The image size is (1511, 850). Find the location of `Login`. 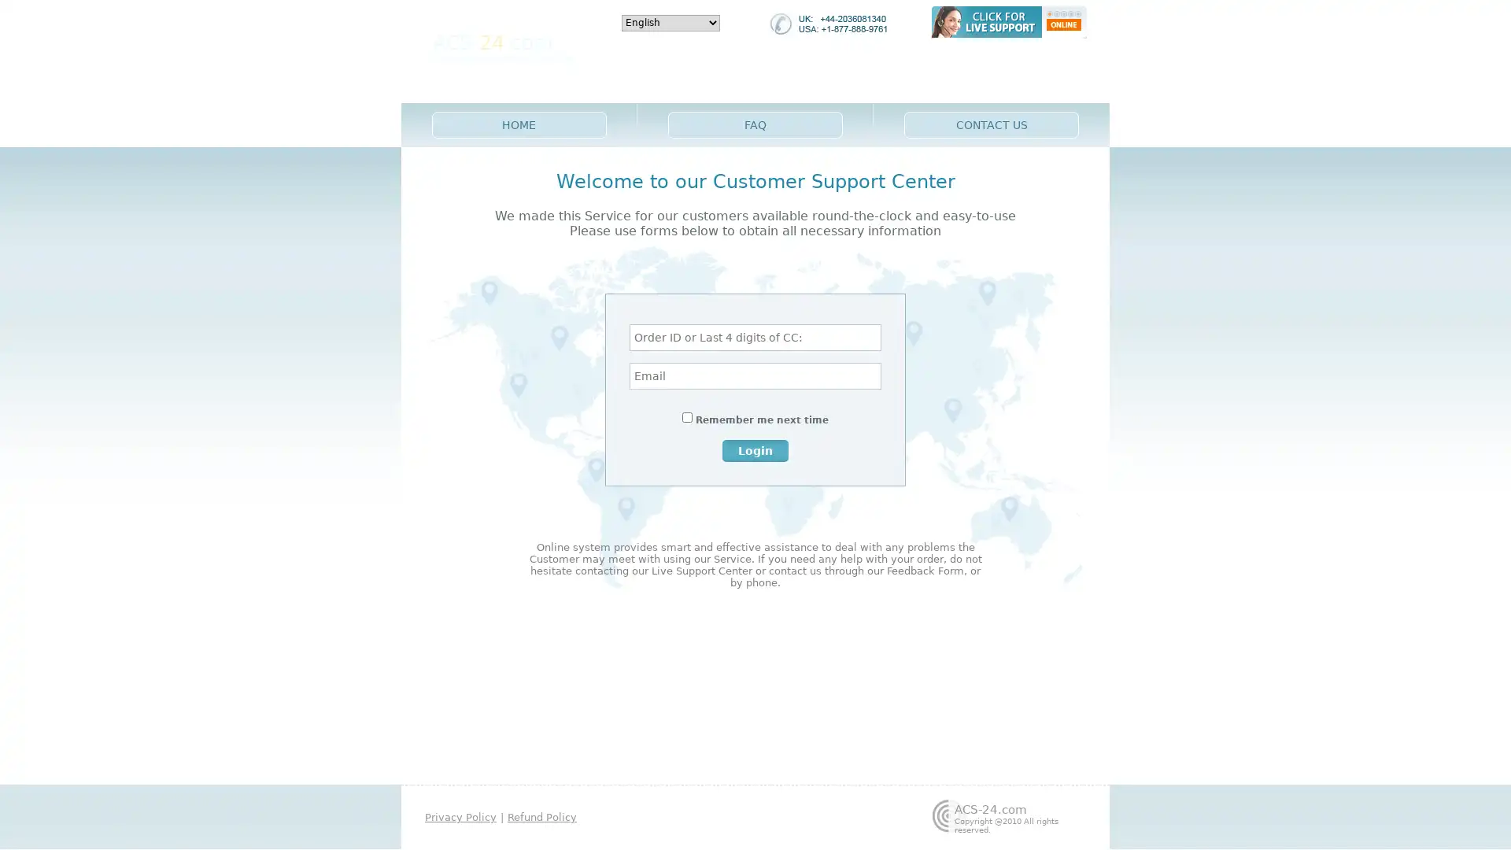

Login is located at coordinates (755, 449).